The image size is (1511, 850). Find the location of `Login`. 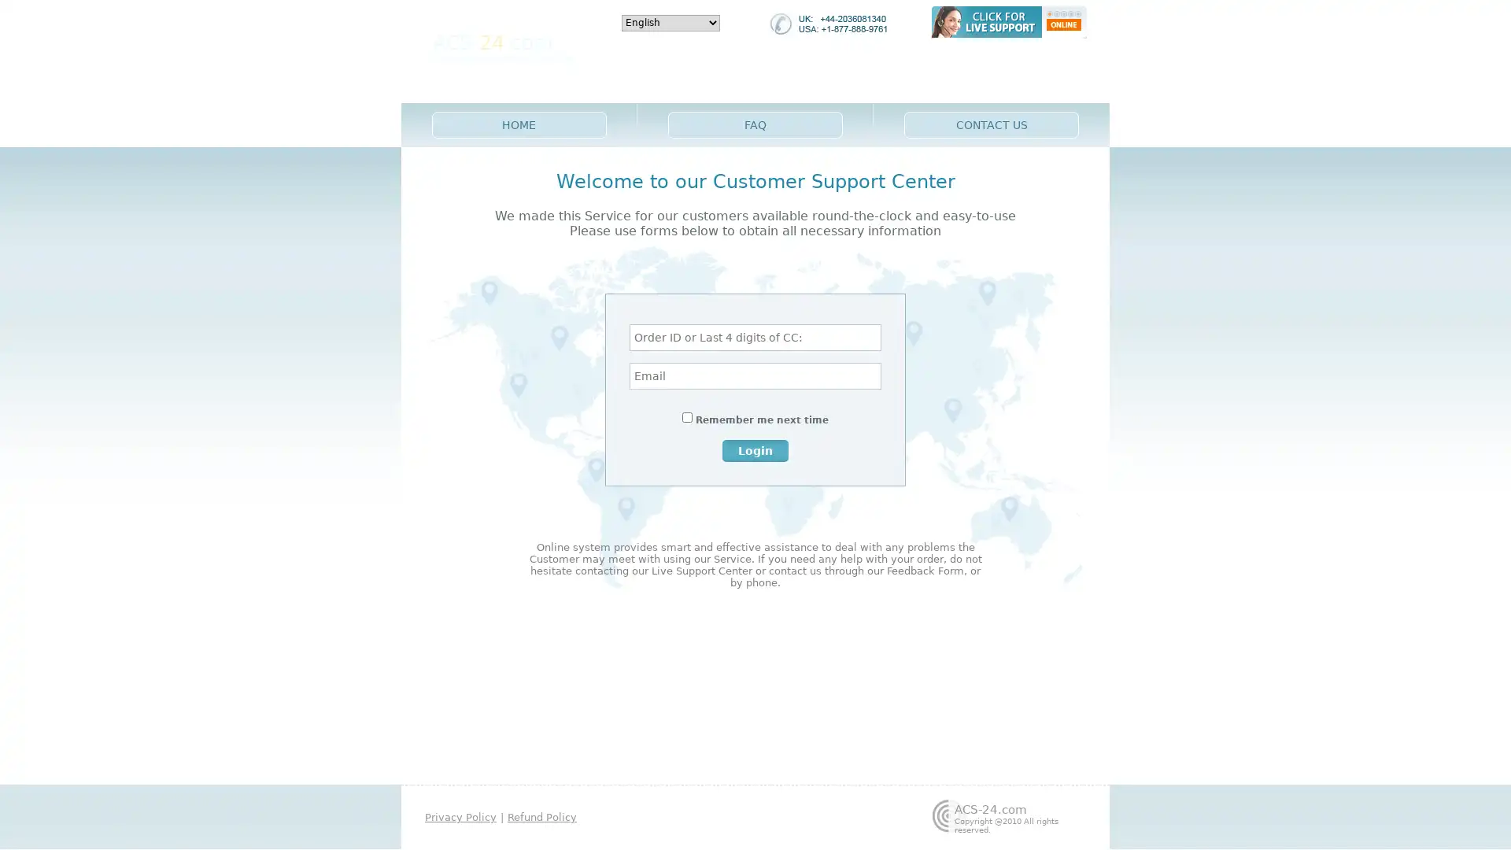

Login is located at coordinates (755, 449).